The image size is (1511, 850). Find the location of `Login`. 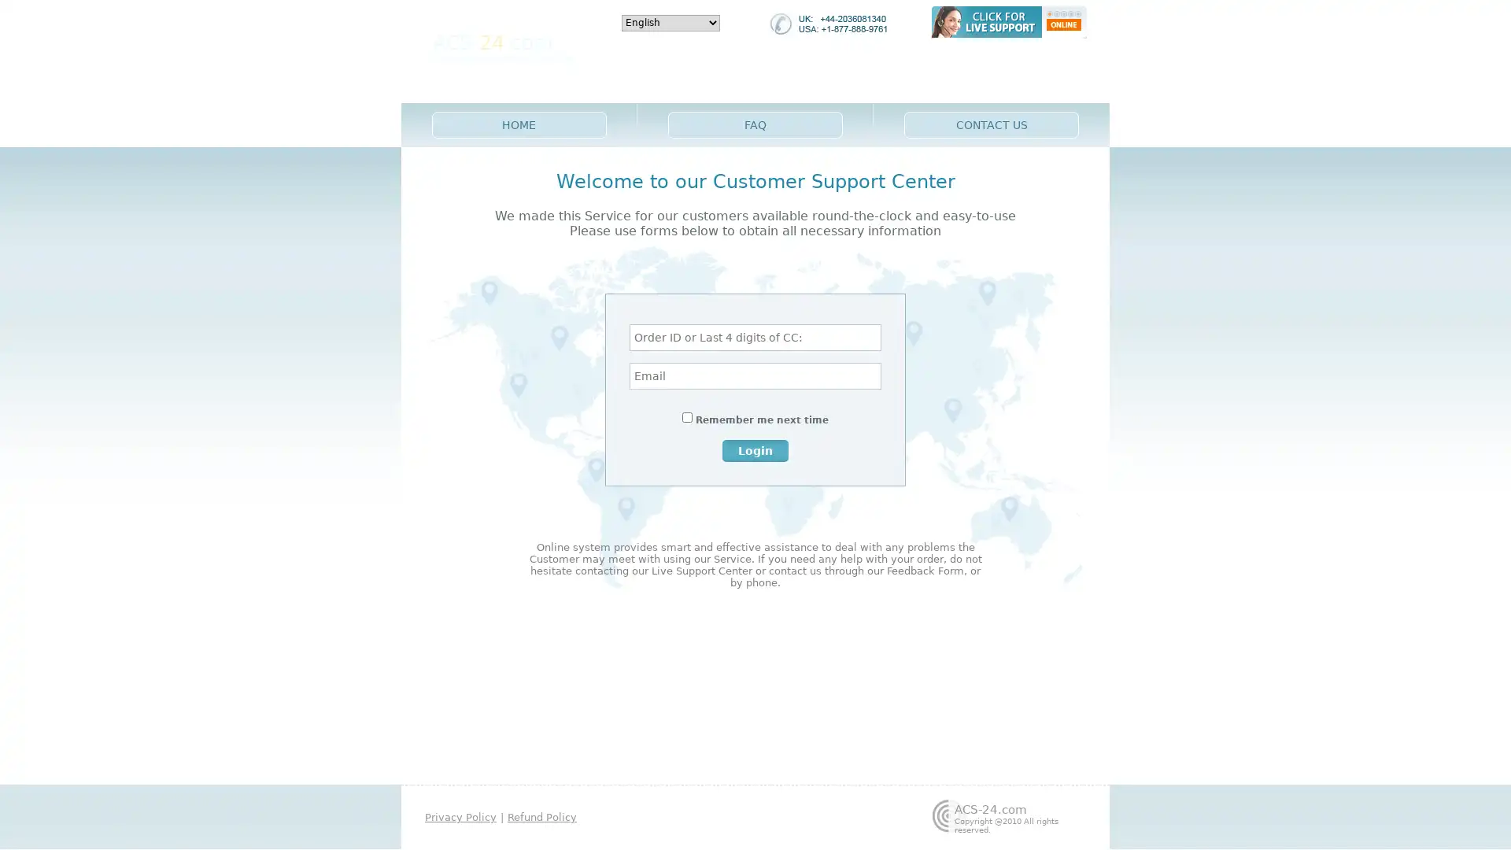

Login is located at coordinates (755, 449).